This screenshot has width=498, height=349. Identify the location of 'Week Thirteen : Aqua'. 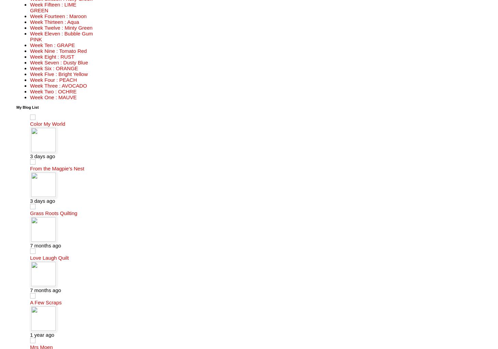
(54, 21).